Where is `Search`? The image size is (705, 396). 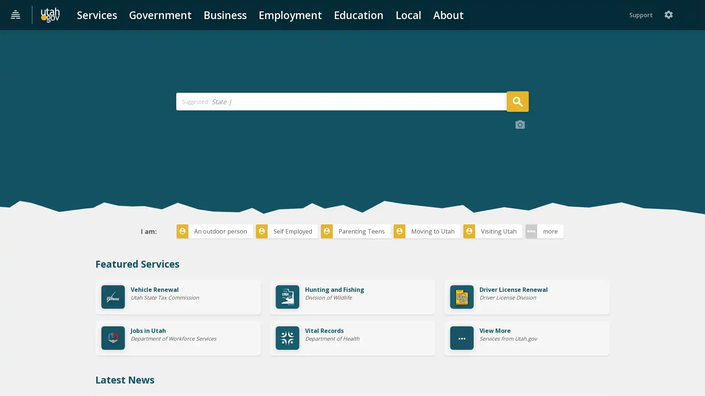
Search is located at coordinates (517, 155).